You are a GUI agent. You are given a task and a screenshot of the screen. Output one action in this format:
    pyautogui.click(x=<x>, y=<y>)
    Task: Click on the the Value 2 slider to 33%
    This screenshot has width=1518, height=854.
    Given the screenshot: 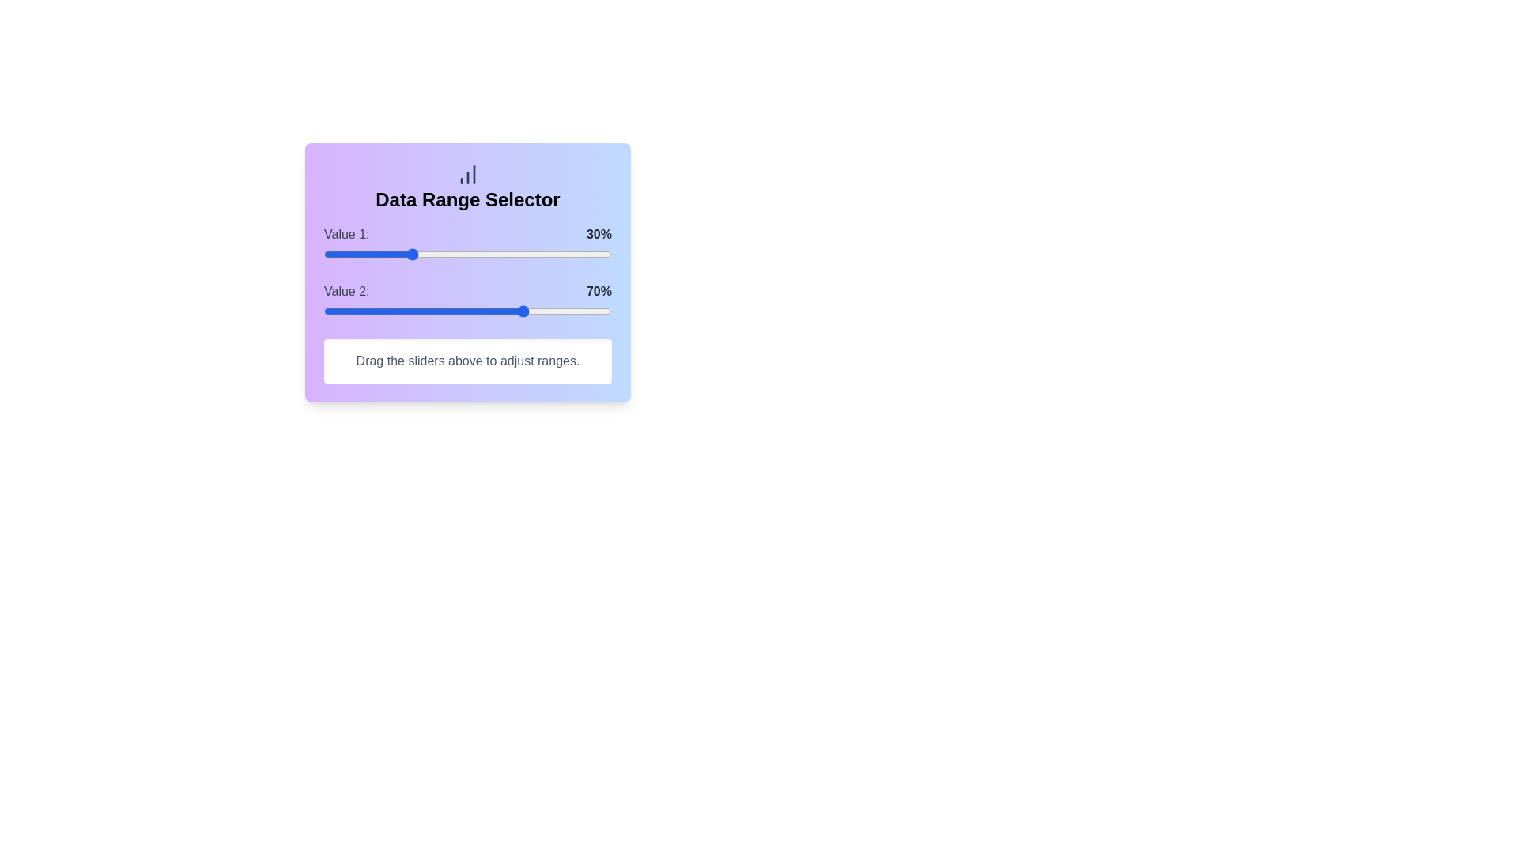 What is the action you would take?
    pyautogui.click(x=419, y=311)
    